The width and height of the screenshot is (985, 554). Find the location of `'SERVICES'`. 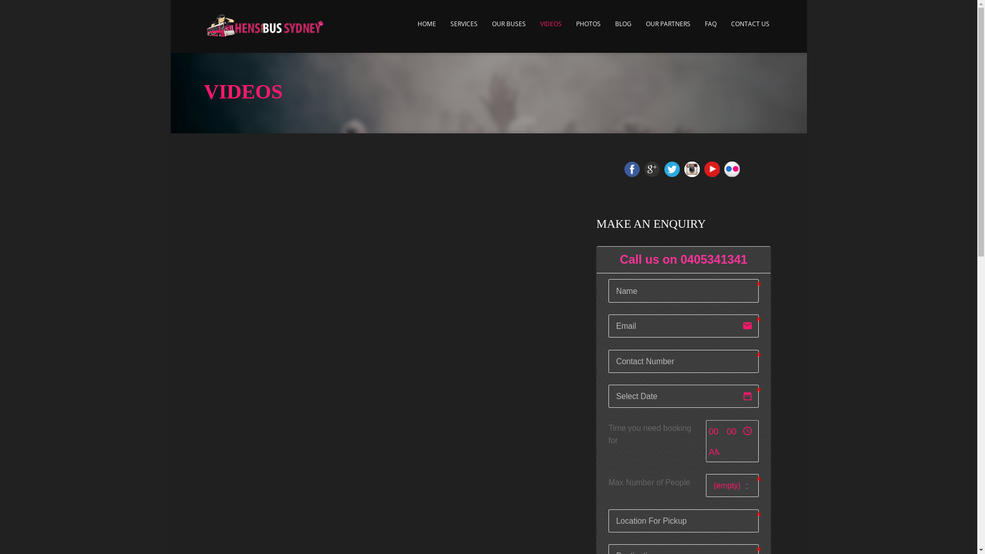

'SERVICES' is located at coordinates (463, 29).